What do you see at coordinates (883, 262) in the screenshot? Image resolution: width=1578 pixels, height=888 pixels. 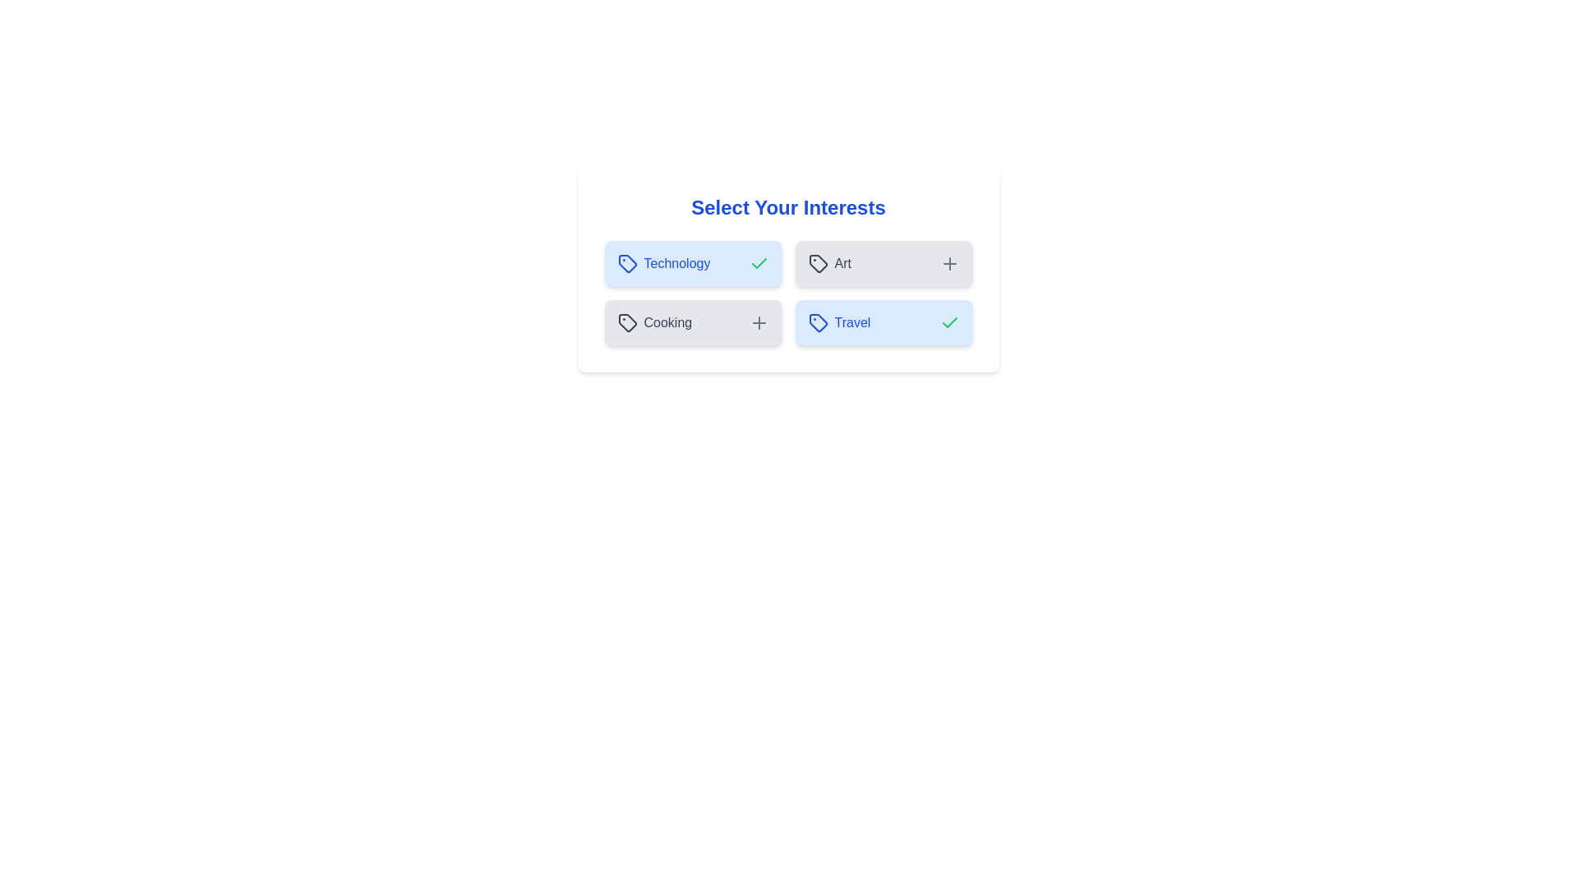 I see `the interest labeled Art` at bounding box center [883, 262].